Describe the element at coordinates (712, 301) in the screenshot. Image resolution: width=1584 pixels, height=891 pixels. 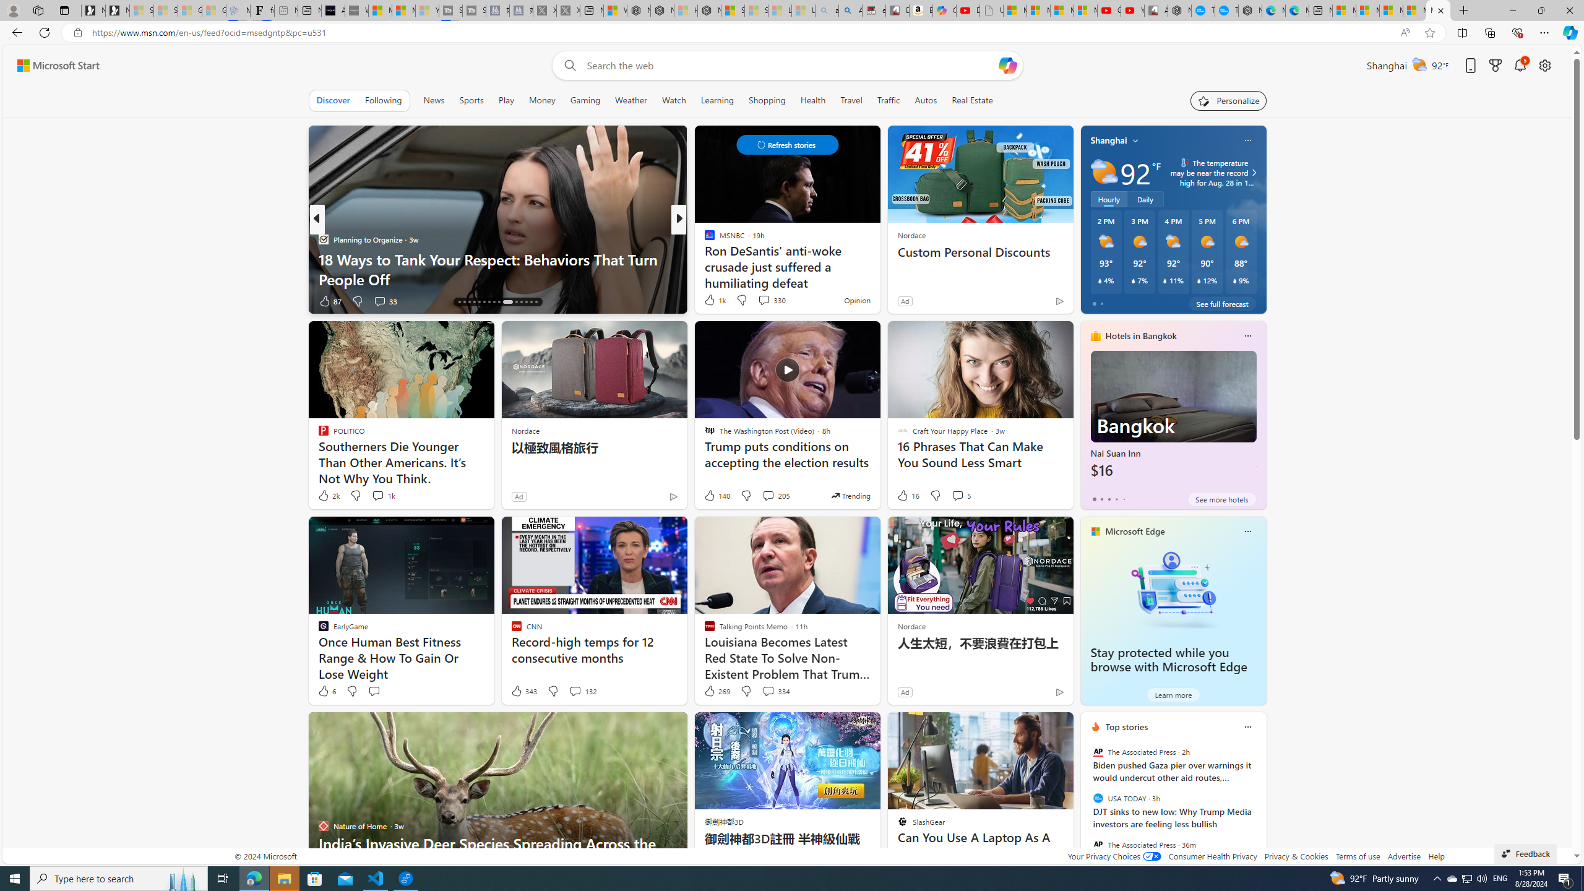
I see `'181 Like'` at that location.